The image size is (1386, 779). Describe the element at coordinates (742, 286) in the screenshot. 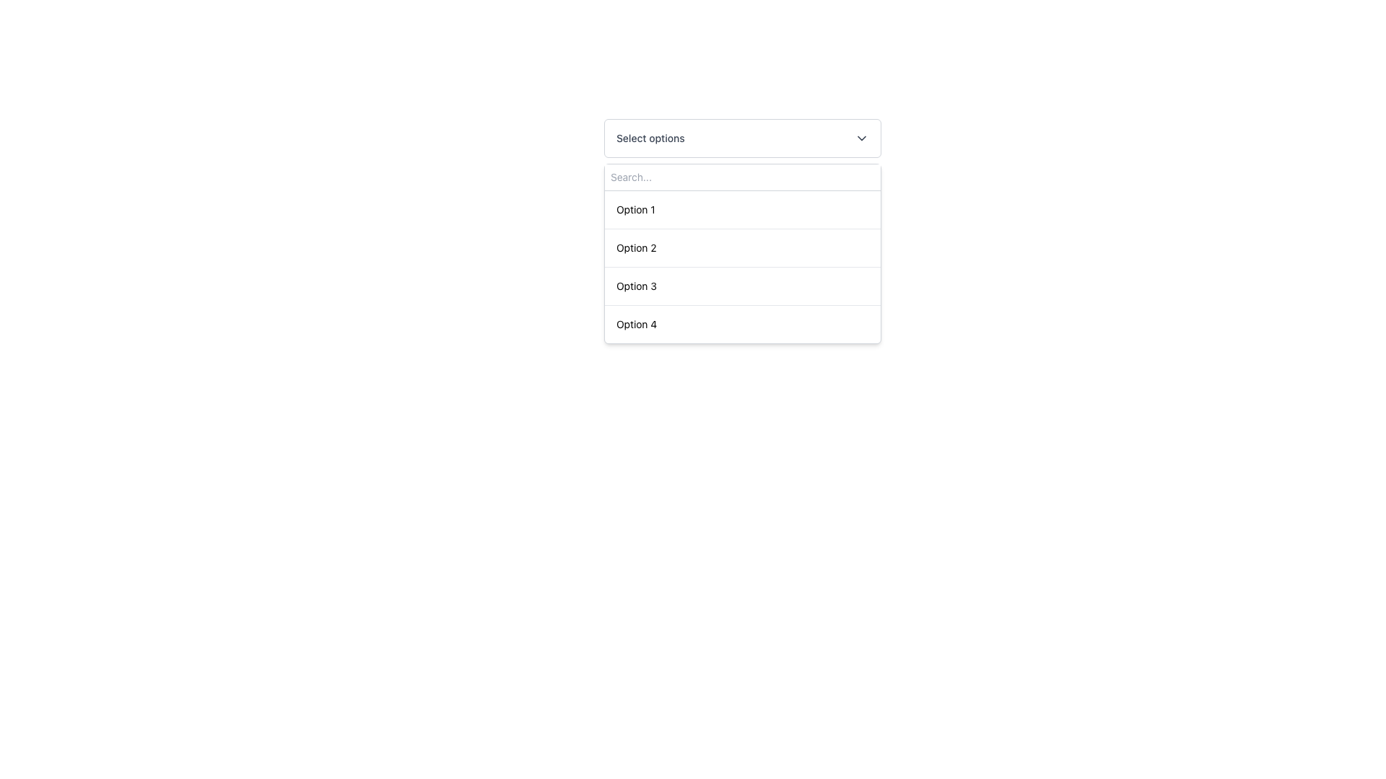

I see `to select 'Option 3' from the dropdown menu, which is the third option in the list` at that location.